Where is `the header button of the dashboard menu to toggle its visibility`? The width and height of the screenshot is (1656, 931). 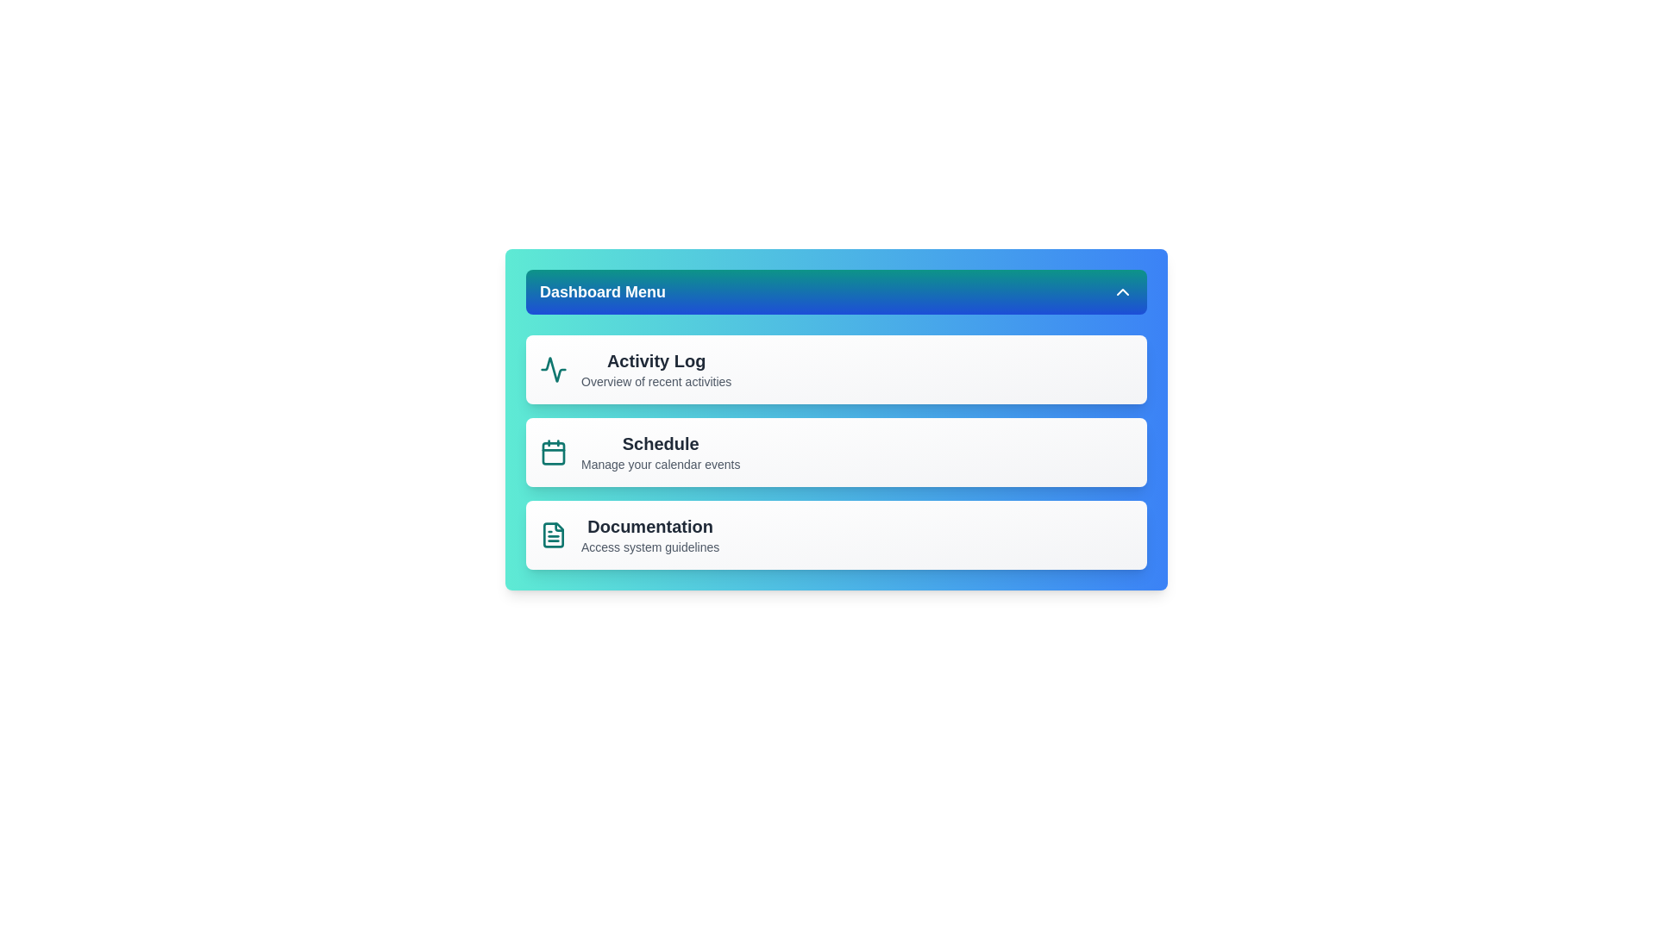 the header button of the dashboard menu to toggle its visibility is located at coordinates (836, 291).